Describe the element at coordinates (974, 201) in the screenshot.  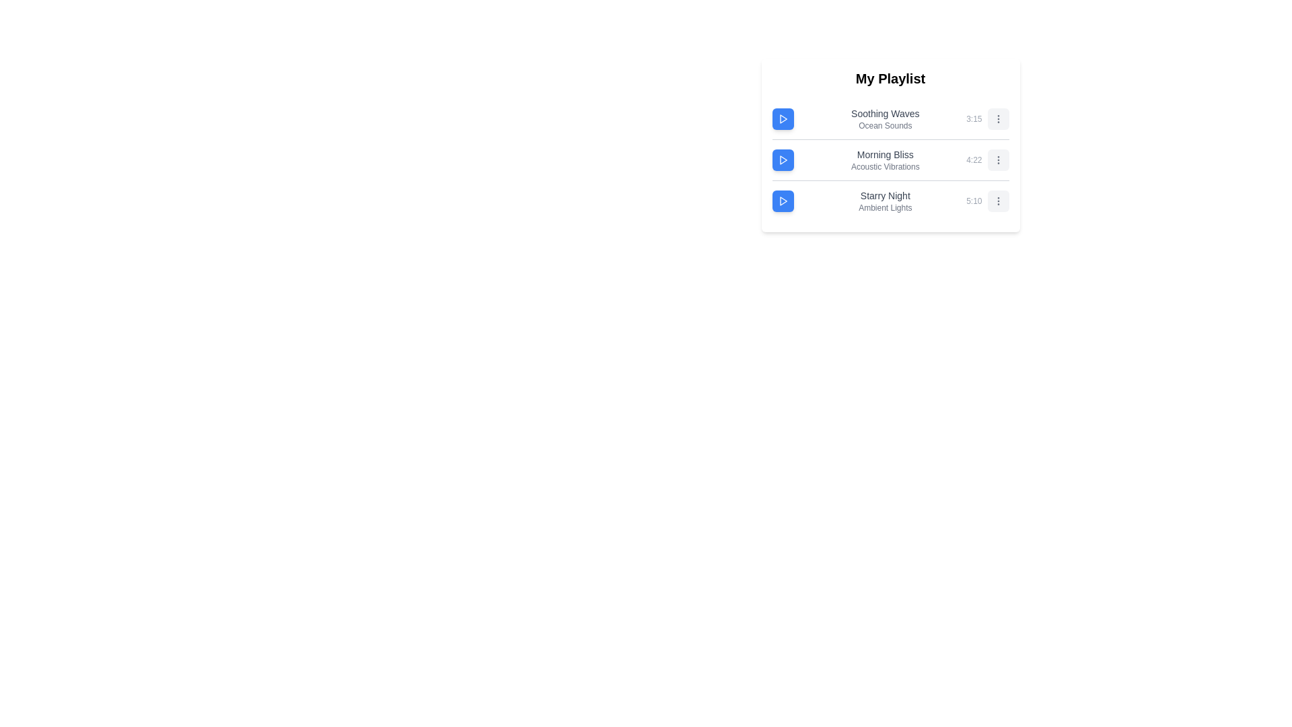
I see `the third duration indicator of the 'Starry Night' track in the 'My Playlist' list, which is a static text label showing the track duration` at that location.